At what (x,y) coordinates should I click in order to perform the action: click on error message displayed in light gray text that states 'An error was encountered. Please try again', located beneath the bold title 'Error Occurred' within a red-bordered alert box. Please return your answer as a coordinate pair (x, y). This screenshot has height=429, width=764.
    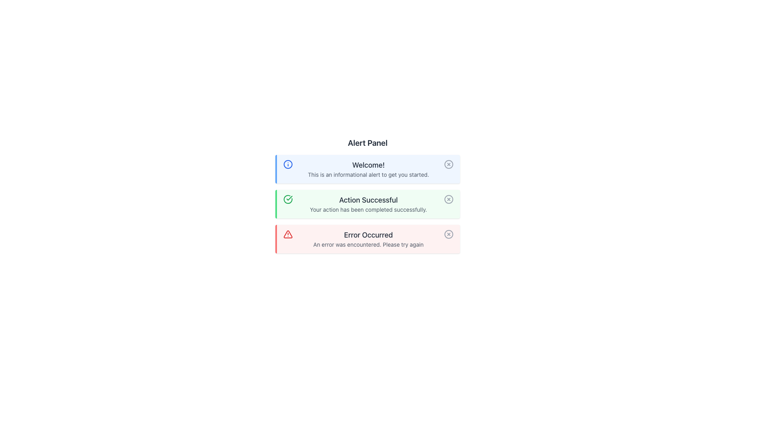
    Looking at the image, I should click on (368, 244).